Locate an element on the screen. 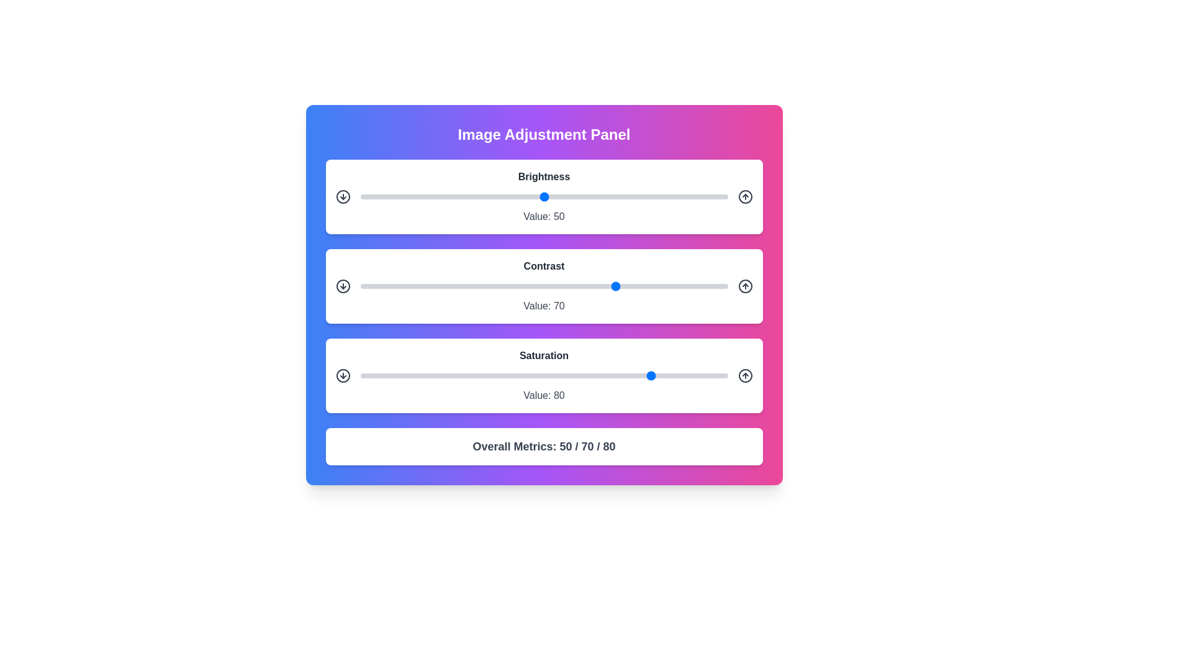 This screenshot has width=1192, height=671. brightness is located at coordinates (702, 196).